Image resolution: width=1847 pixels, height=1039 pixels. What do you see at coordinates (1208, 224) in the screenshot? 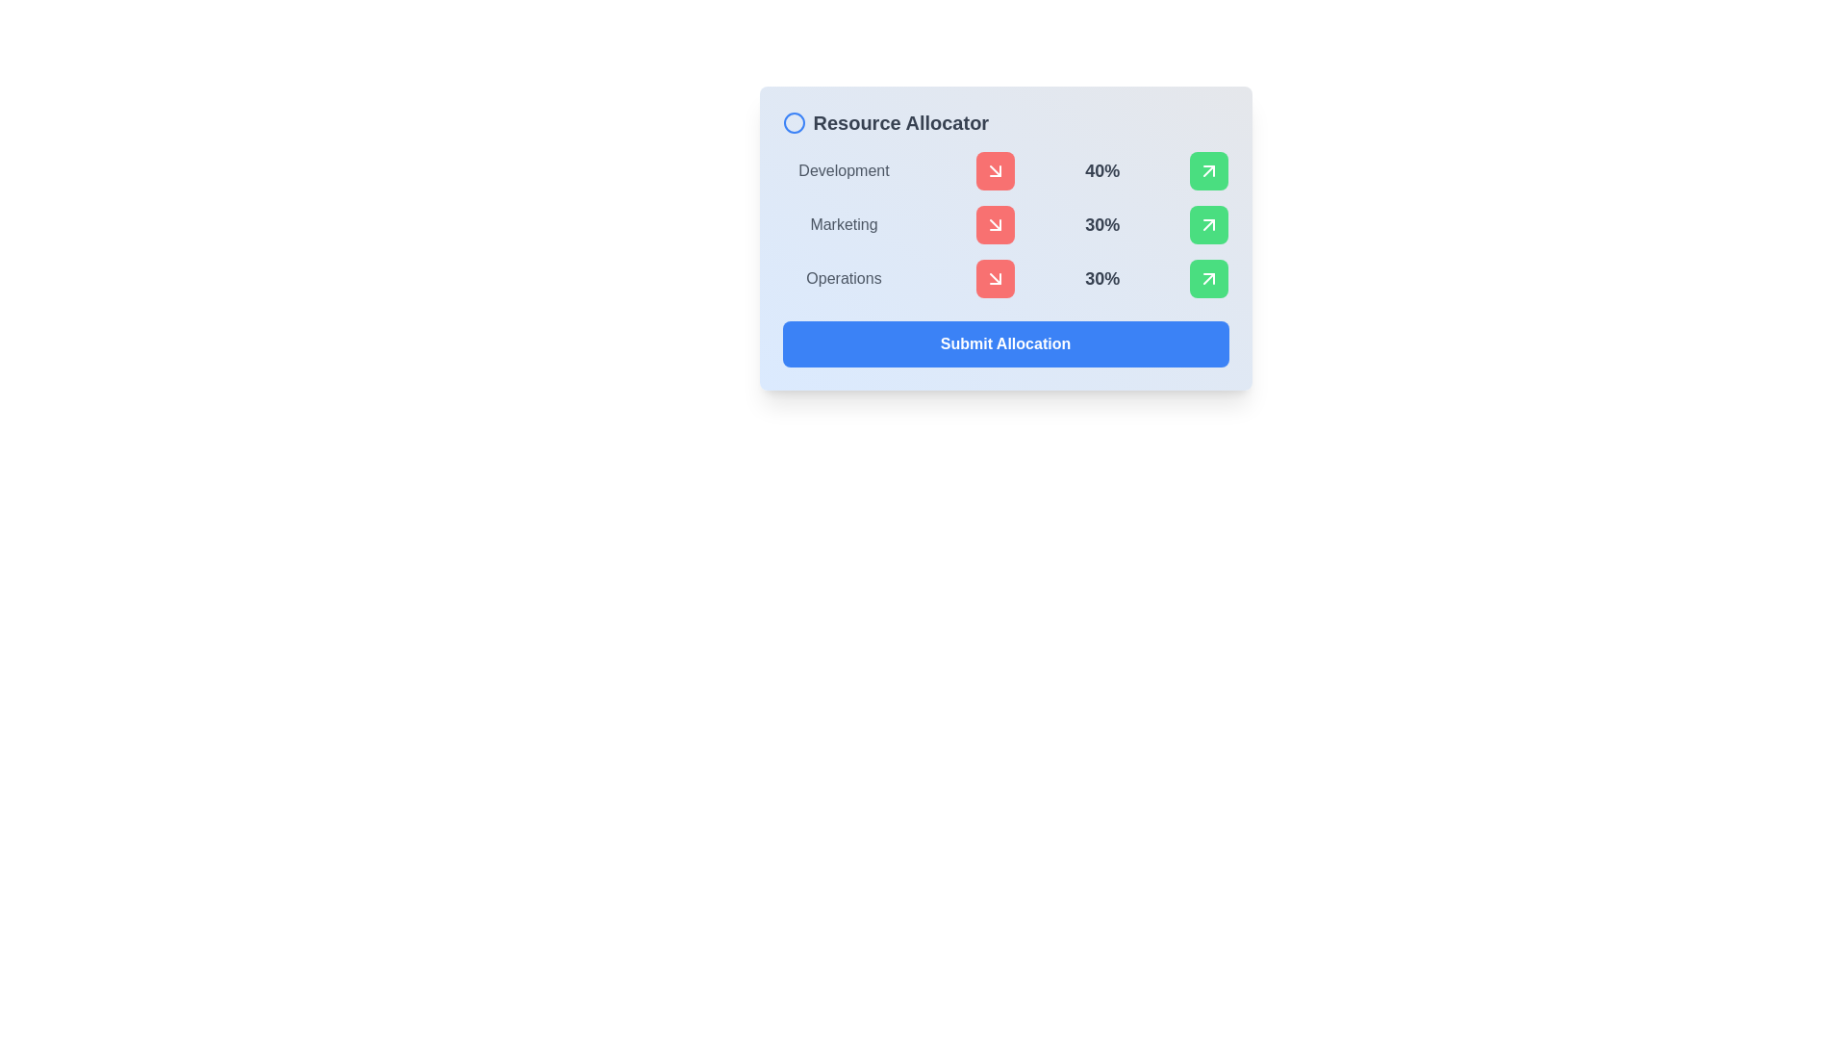
I see `the green arrow button pointing up and to the right in the 'Marketing' row of the 'Resource Allocator' section` at bounding box center [1208, 224].